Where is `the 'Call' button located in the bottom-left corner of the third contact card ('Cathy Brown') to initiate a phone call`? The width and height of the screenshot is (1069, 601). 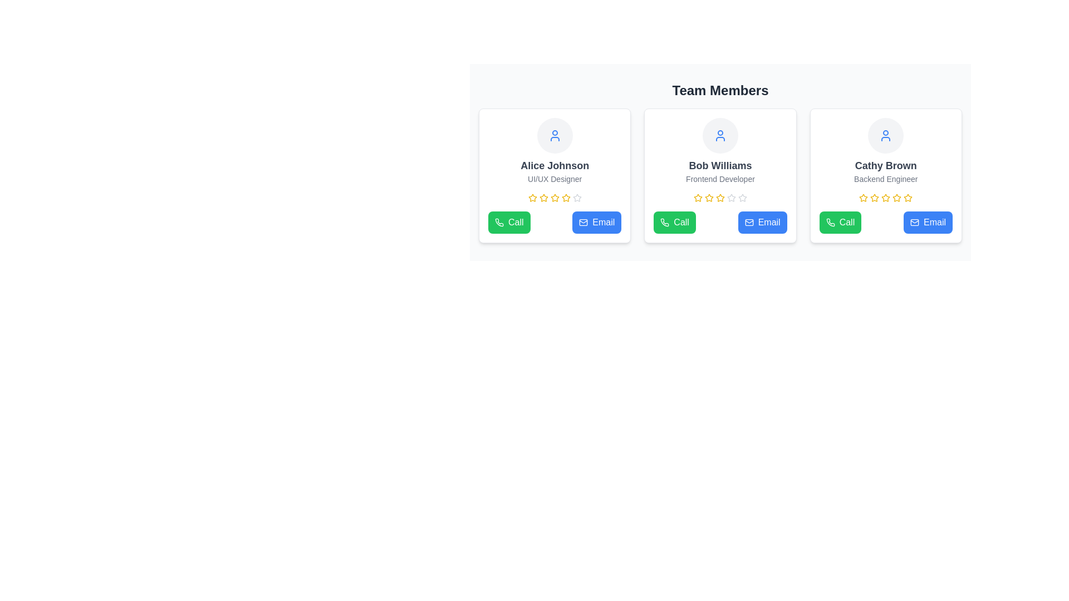 the 'Call' button located in the bottom-left corner of the third contact card ('Cathy Brown') to initiate a phone call is located at coordinates (830, 223).